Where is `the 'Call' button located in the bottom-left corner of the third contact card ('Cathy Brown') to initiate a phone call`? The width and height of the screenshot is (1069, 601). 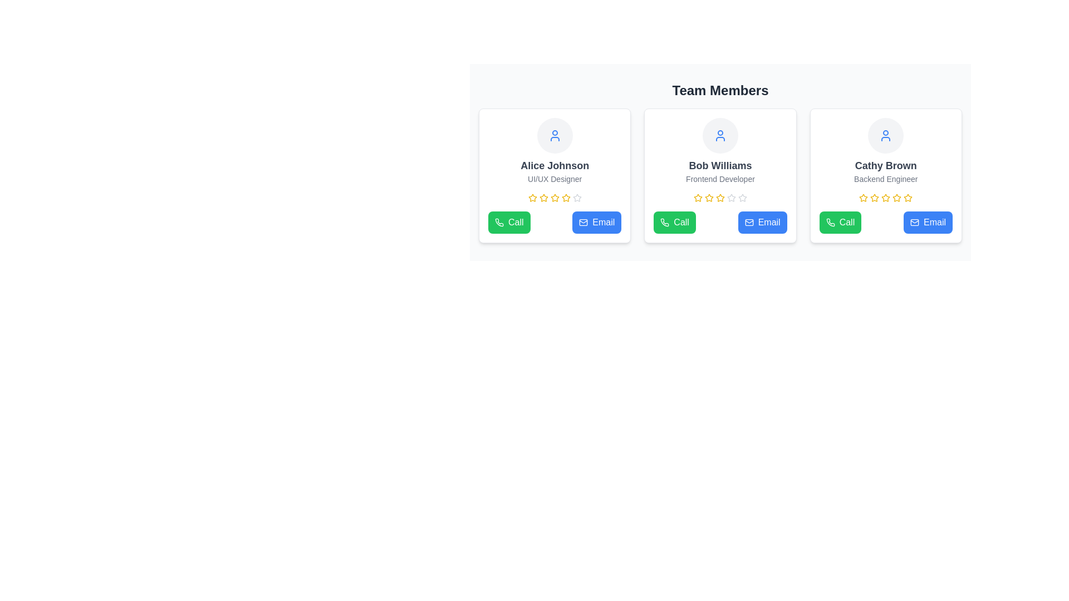 the 'Call' button located in the bottom-left corner of the third contact card ('Cathy Brown') to initiate a phone call is located at coordinates (830, 223).